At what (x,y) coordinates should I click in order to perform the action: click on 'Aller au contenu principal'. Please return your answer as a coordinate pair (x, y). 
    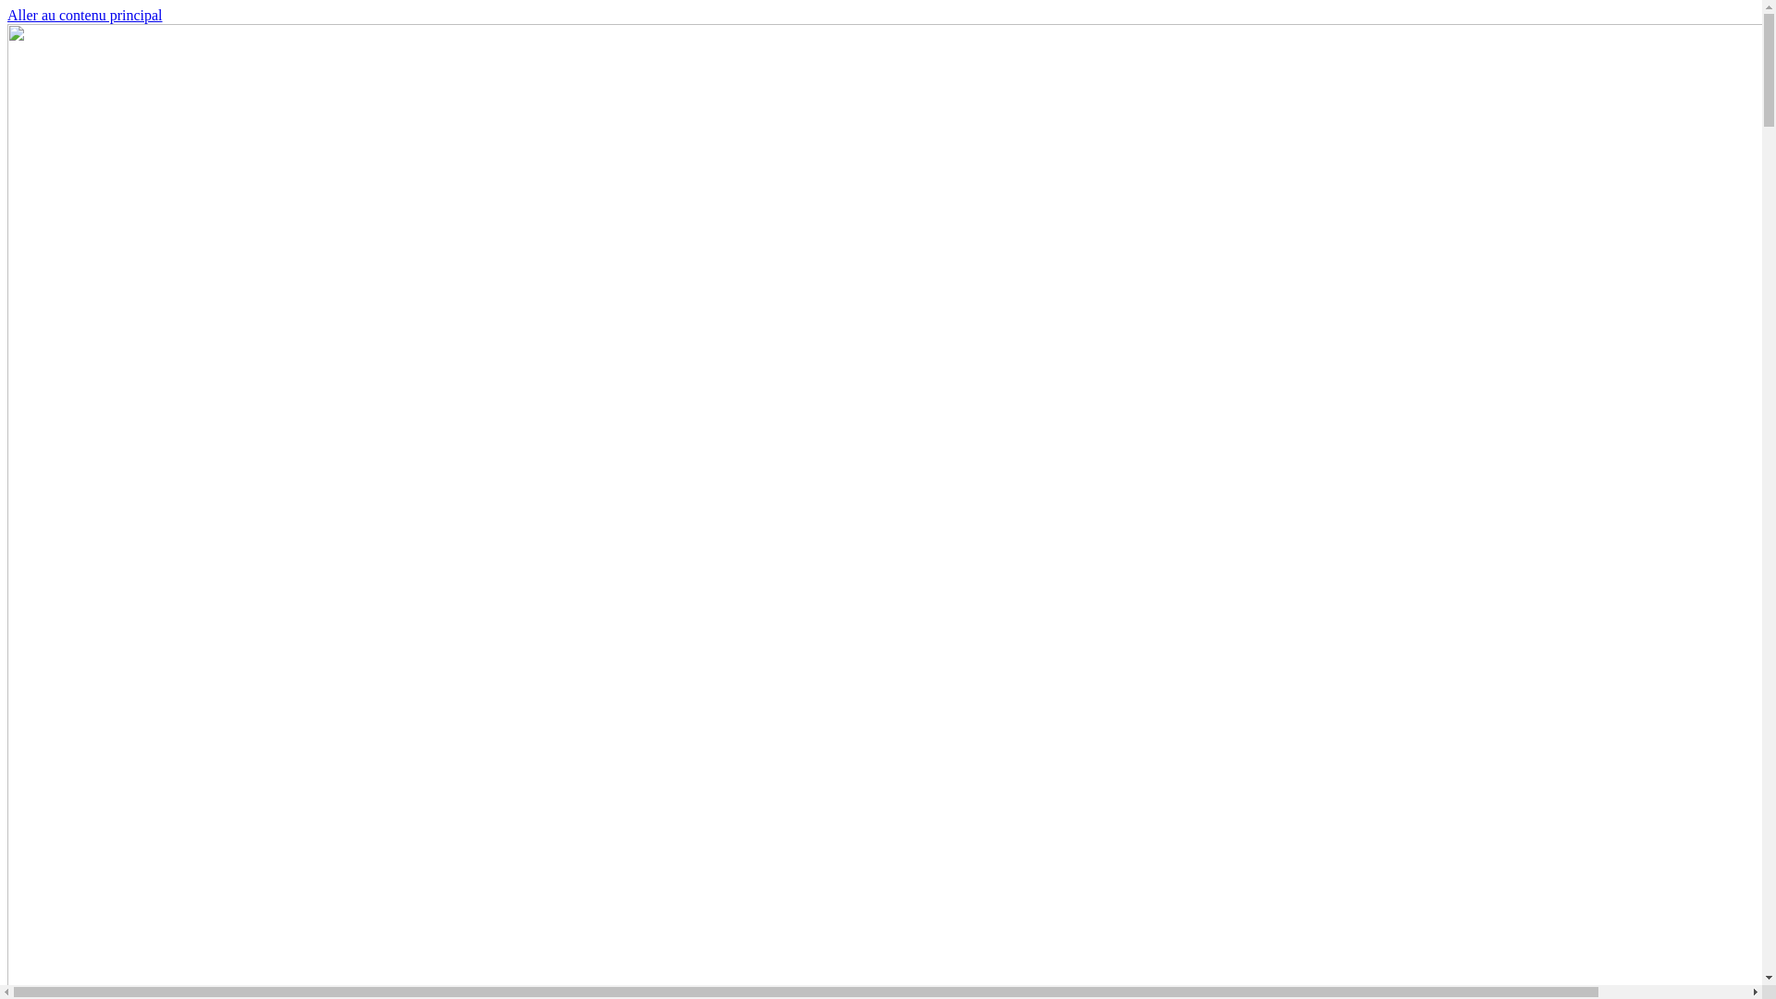
    Looking at the image, I should click on (83, 15).